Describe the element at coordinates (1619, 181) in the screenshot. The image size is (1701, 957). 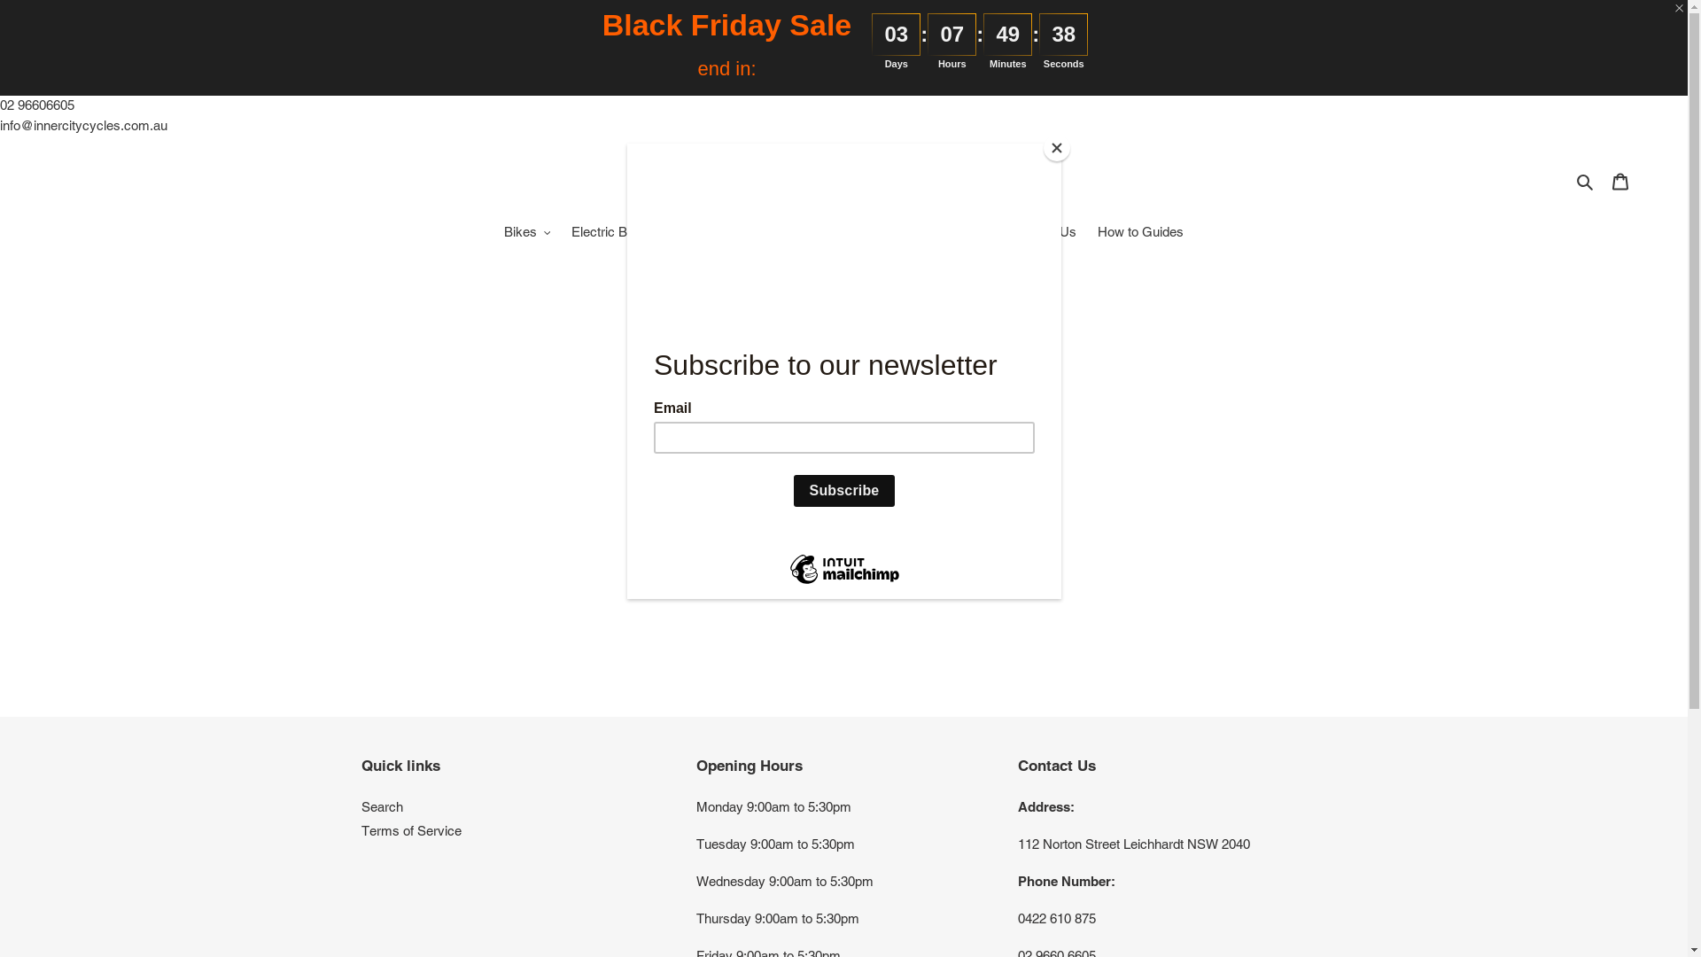
I see `'Cart'` at that location.